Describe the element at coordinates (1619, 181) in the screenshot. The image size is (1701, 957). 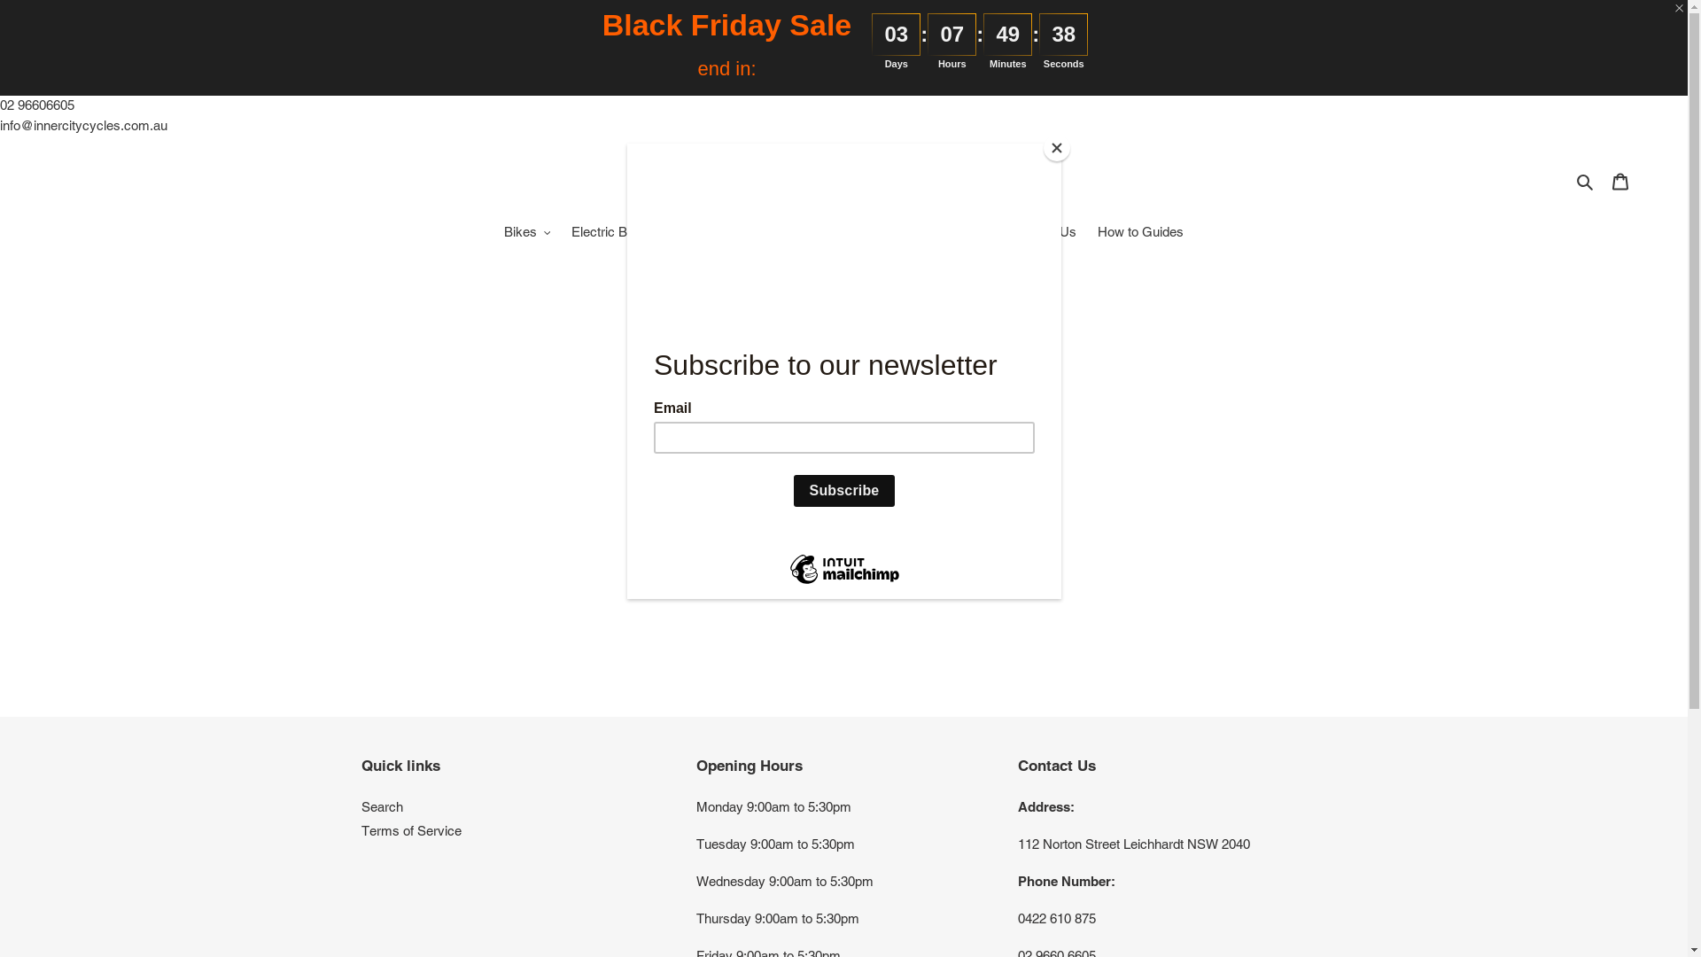
I see `'Cart'` at that location.